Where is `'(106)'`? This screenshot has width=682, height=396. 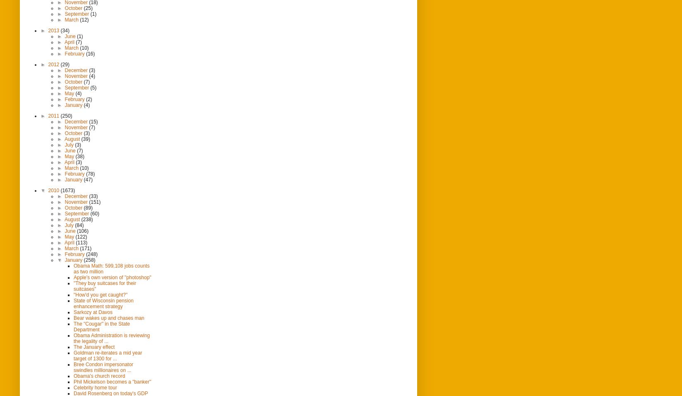 '(106)' is located at coordinates (82, 230).